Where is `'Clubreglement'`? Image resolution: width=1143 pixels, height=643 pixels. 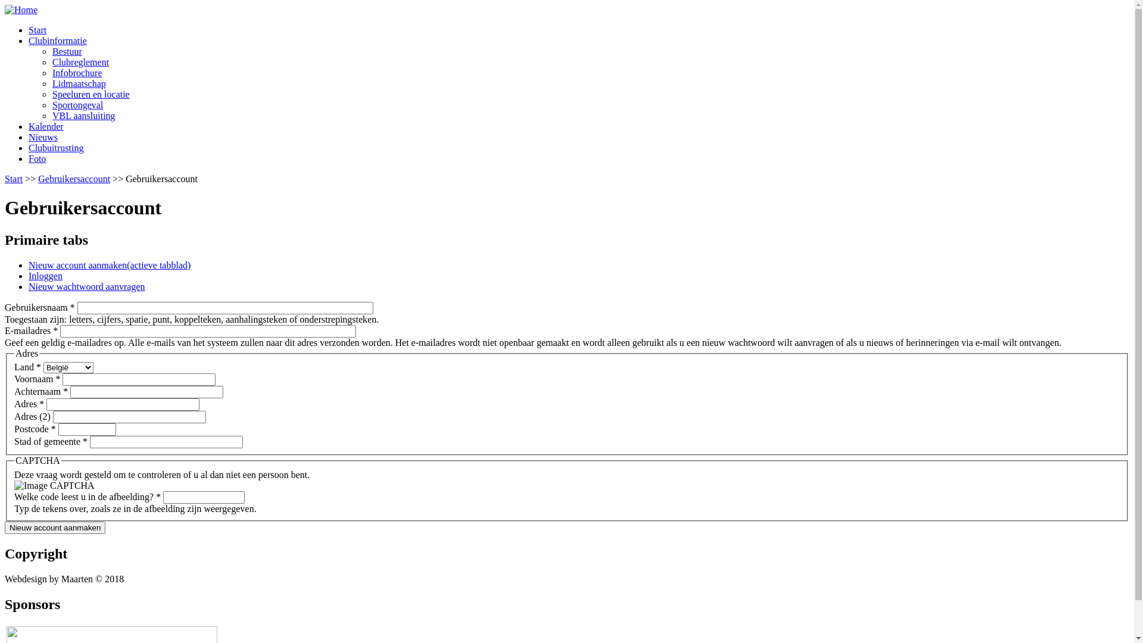 'Clubreglement' is located at coordinates (80, 62).